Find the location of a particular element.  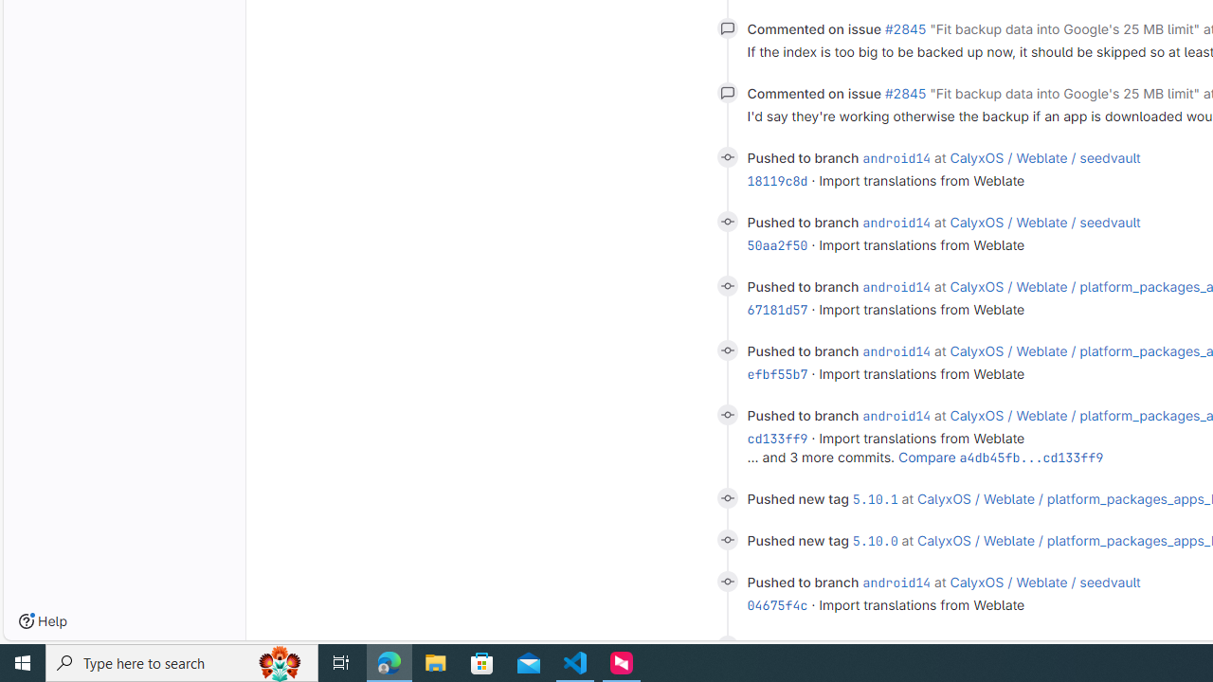

'5.10.0' is located at coordinates (874, 541).